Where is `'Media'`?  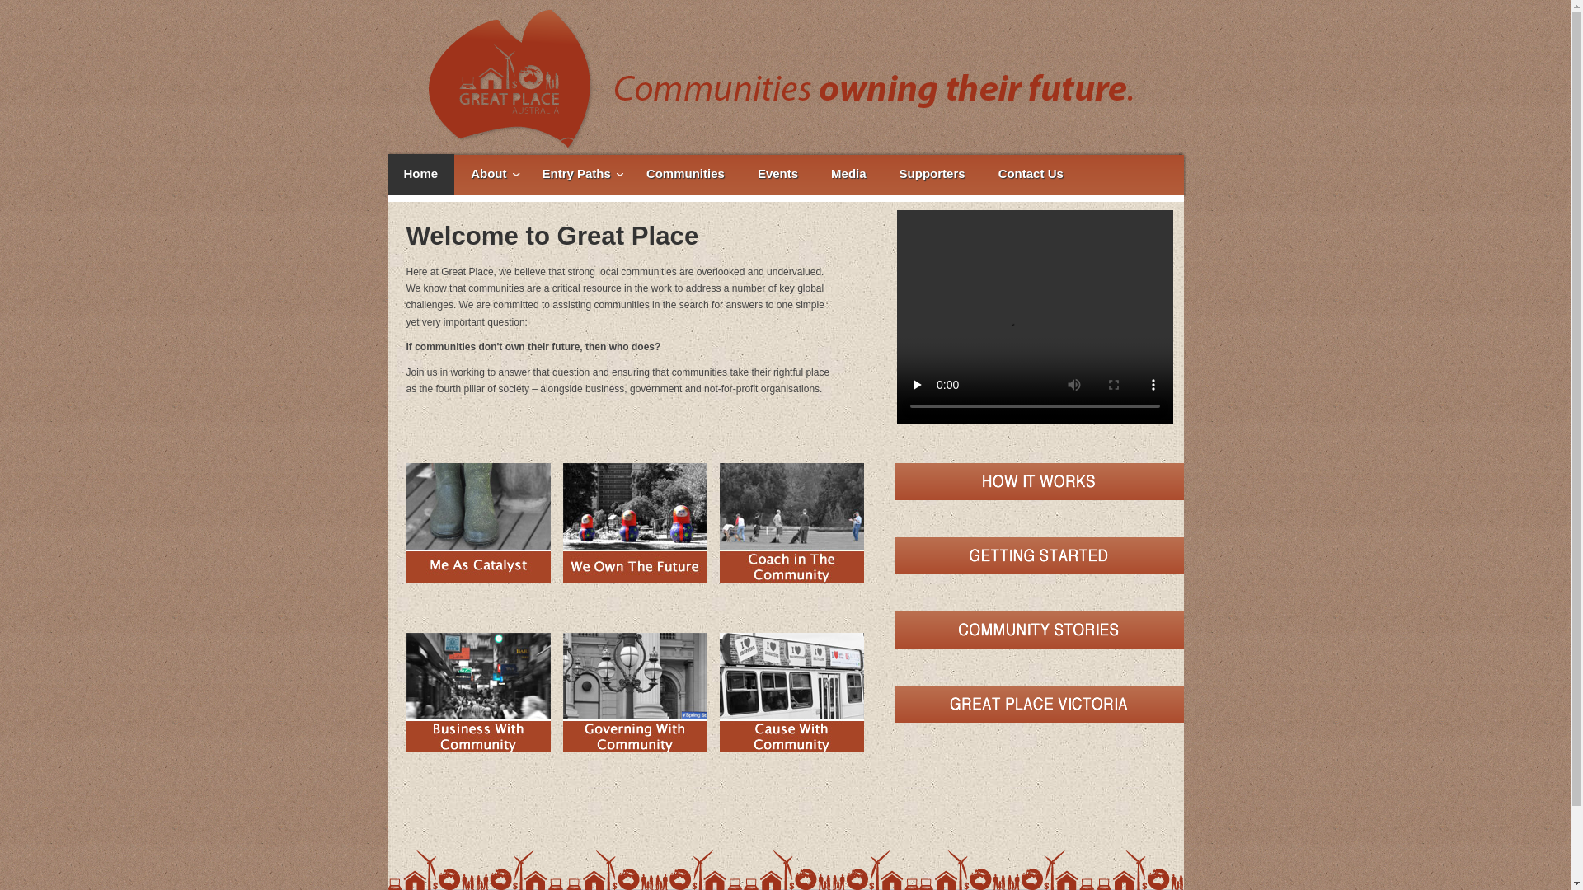 'Media' is located at coordinates (848, 175).